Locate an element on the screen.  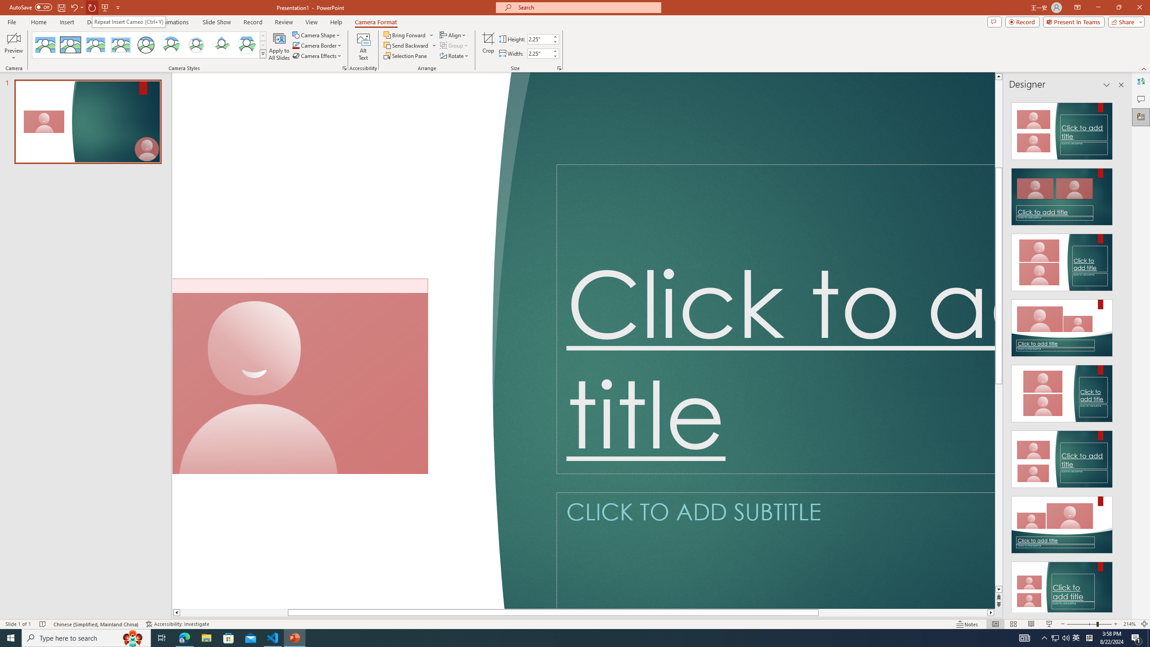
'Reading View' is located at coordinates (1031, 624).